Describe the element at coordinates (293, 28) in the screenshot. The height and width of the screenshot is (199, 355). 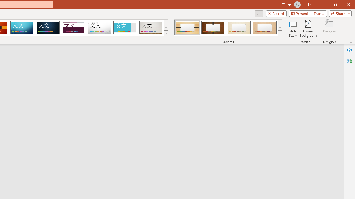
I see `'Slide Size'` at that location.